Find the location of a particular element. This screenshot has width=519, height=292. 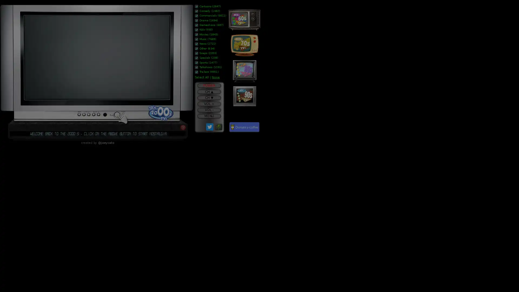

VOL + is located at coordinates (209, 104).